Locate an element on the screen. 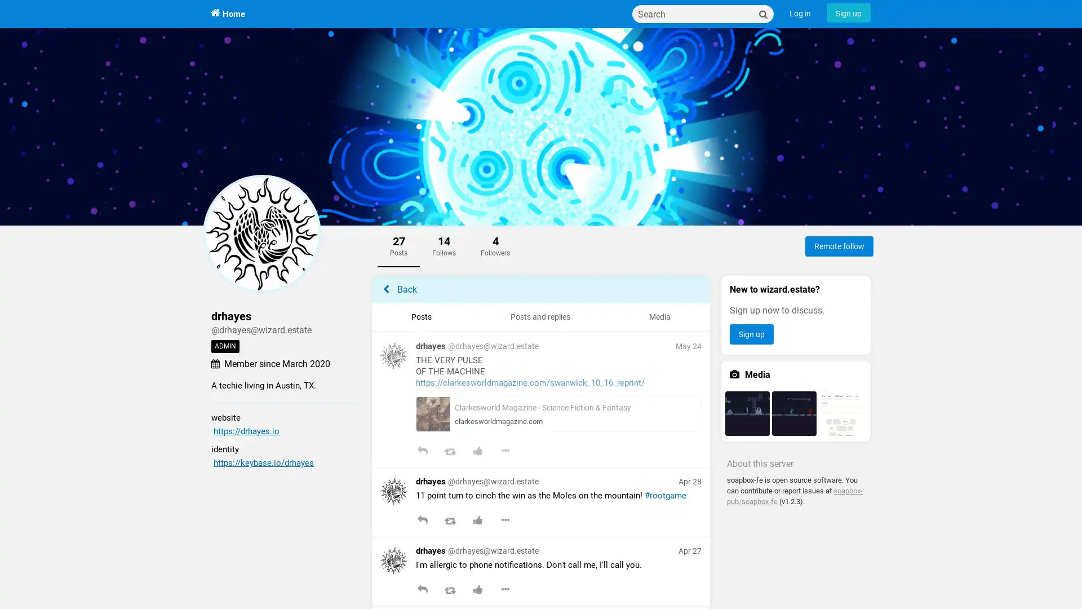 The height and width of the screenshot is (609, 1082). Like is located at coordinates (477, 590).